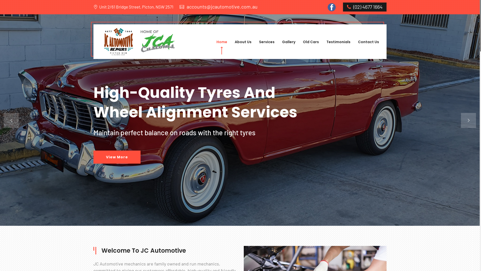  Describe the element at coordinates (221, 41) in the screenshot. I see `'Home'` at that location.